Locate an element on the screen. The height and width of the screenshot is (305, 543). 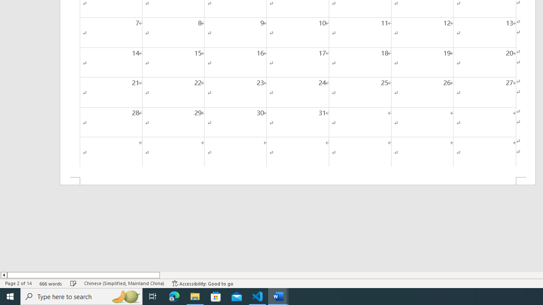
'Footer -Section 1-' is located at coordinates (298, 180).